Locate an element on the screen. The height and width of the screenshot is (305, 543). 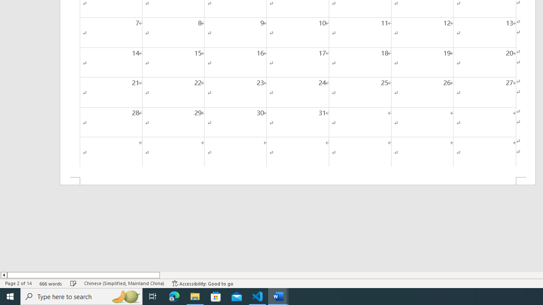
'Footer -Section 1-' is located at coordinates (298, 180).